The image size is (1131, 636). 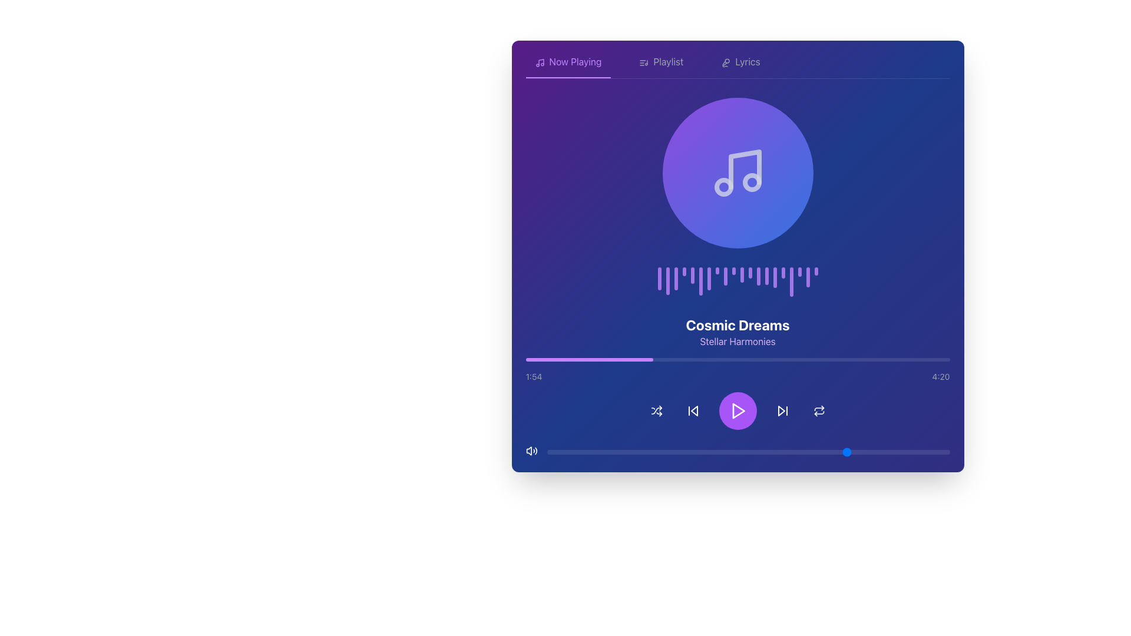 What do you see at coordinates (541, 359) in the screenshot?
I see `playback progress` at bounding box center [541, 359].